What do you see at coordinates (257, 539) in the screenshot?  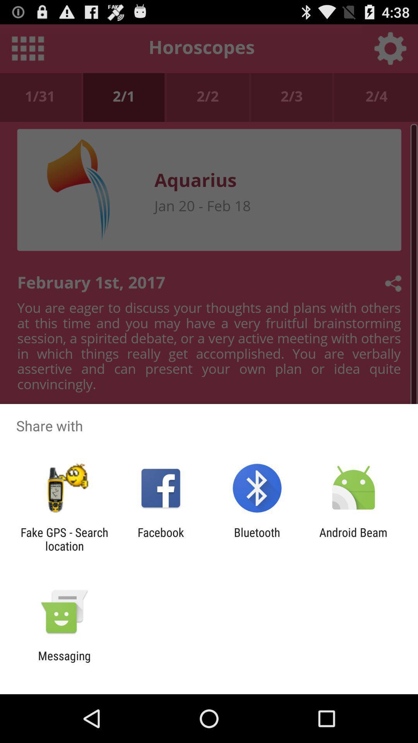 I see `app next to the android beam app` at bounding box center [257, 539].